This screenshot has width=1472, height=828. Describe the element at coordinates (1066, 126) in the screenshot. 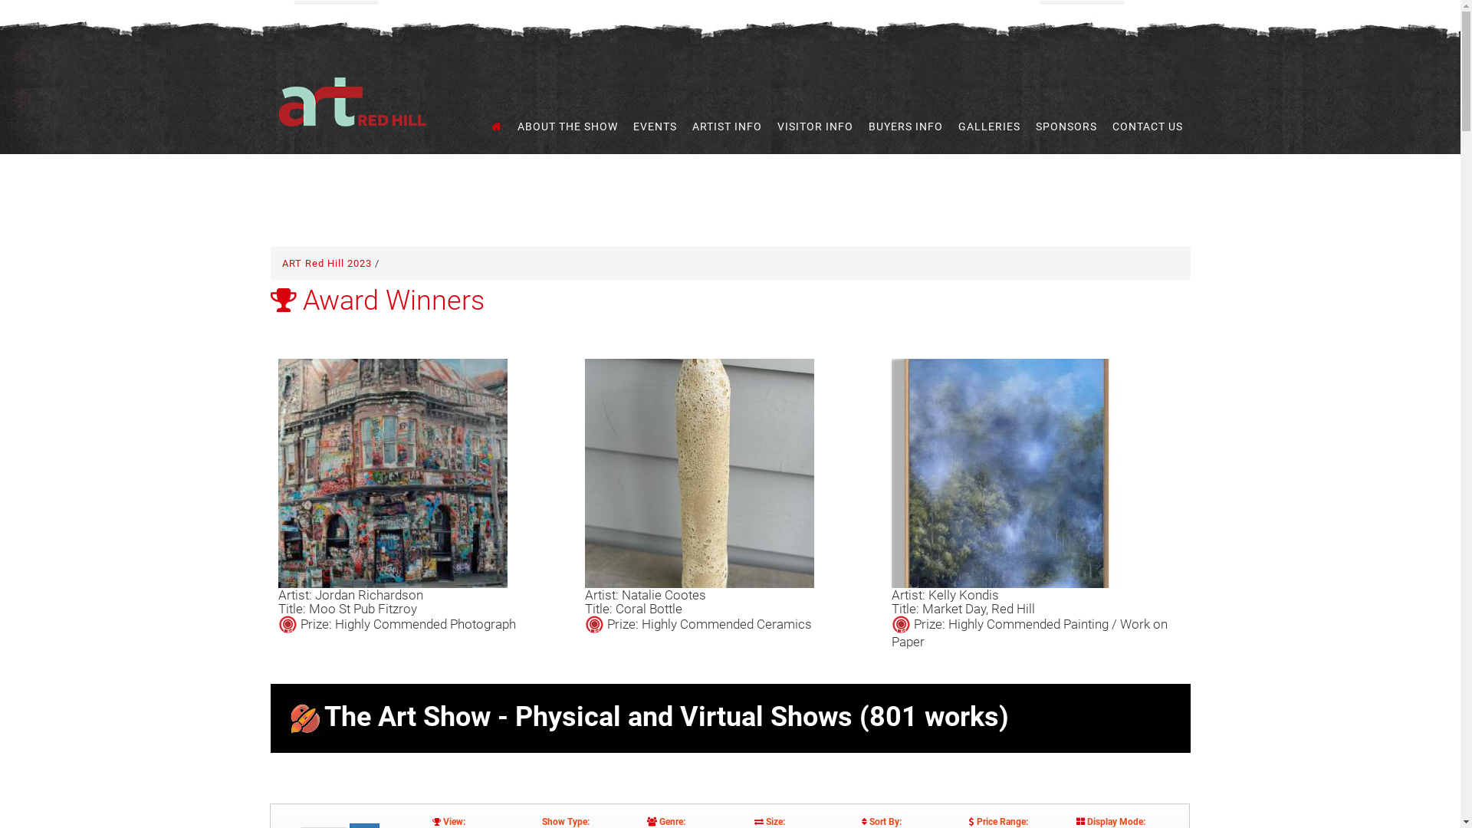

I see `'SPONSORS'` at that location.